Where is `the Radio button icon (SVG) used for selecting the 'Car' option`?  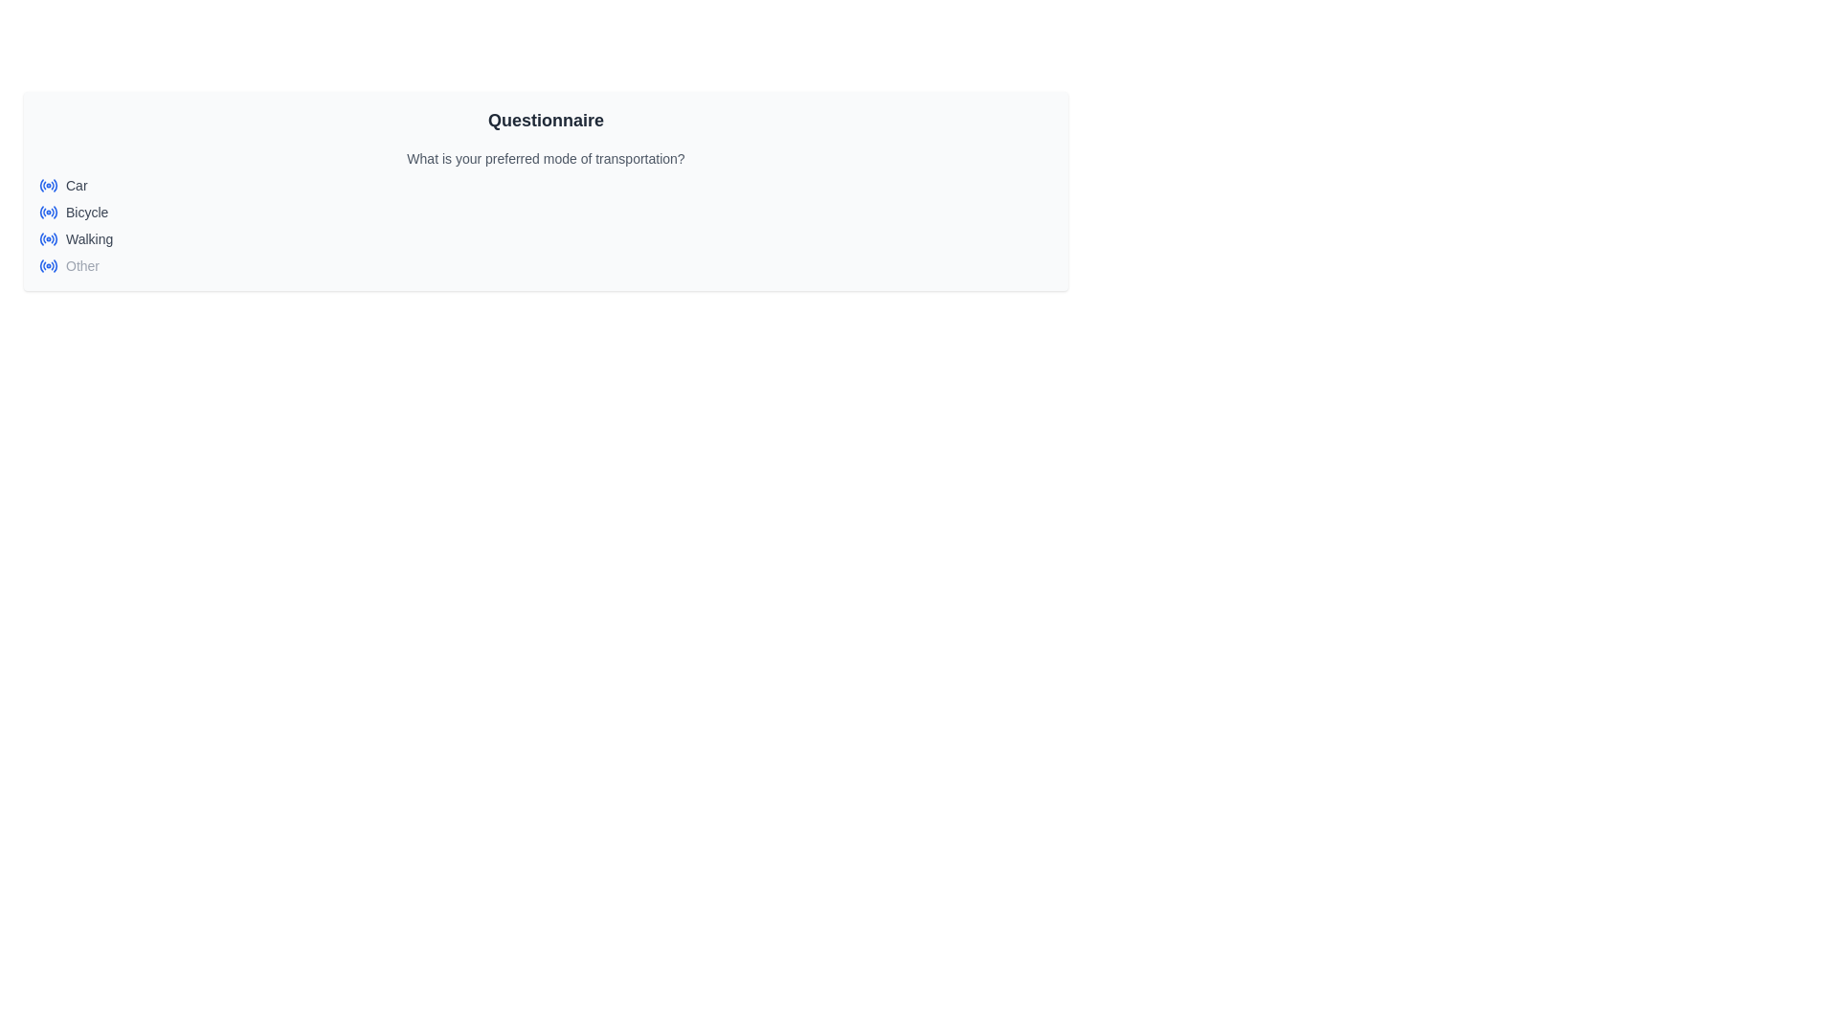 the Radio button icon (SVG) used for selecting the 'Car' option is located at coordinates (49, 185).